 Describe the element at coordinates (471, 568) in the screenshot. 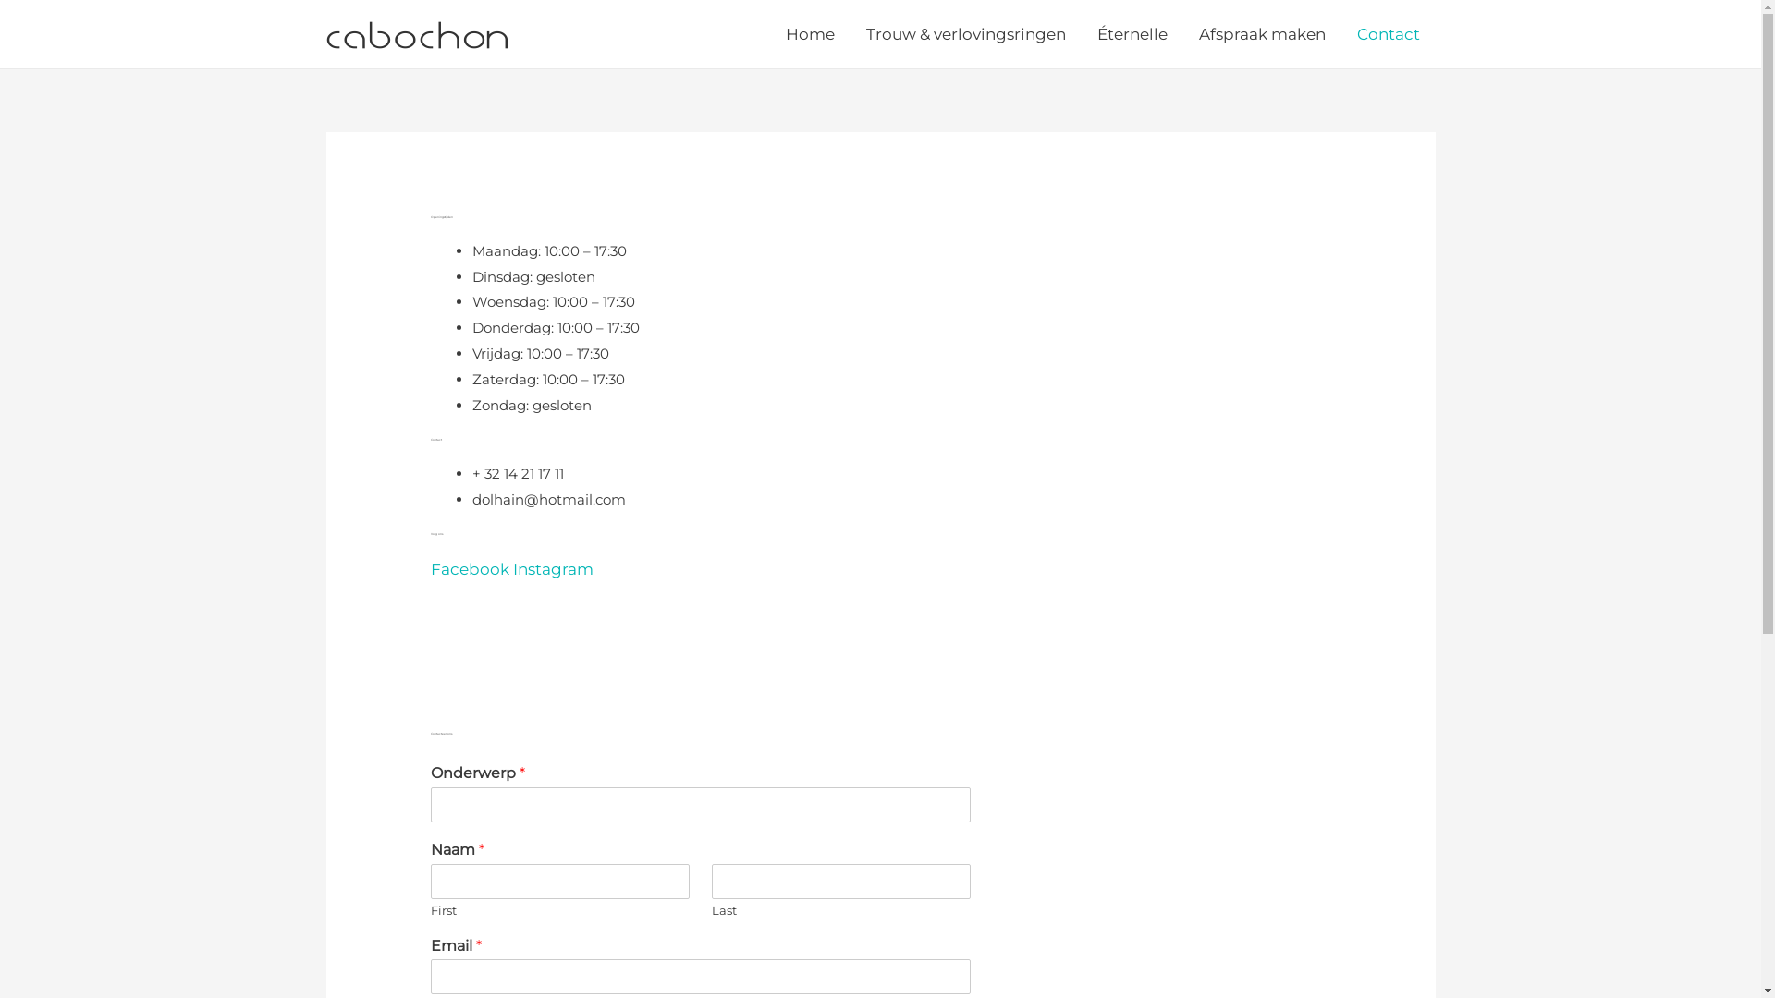

I see `'Facebook'` at that location.